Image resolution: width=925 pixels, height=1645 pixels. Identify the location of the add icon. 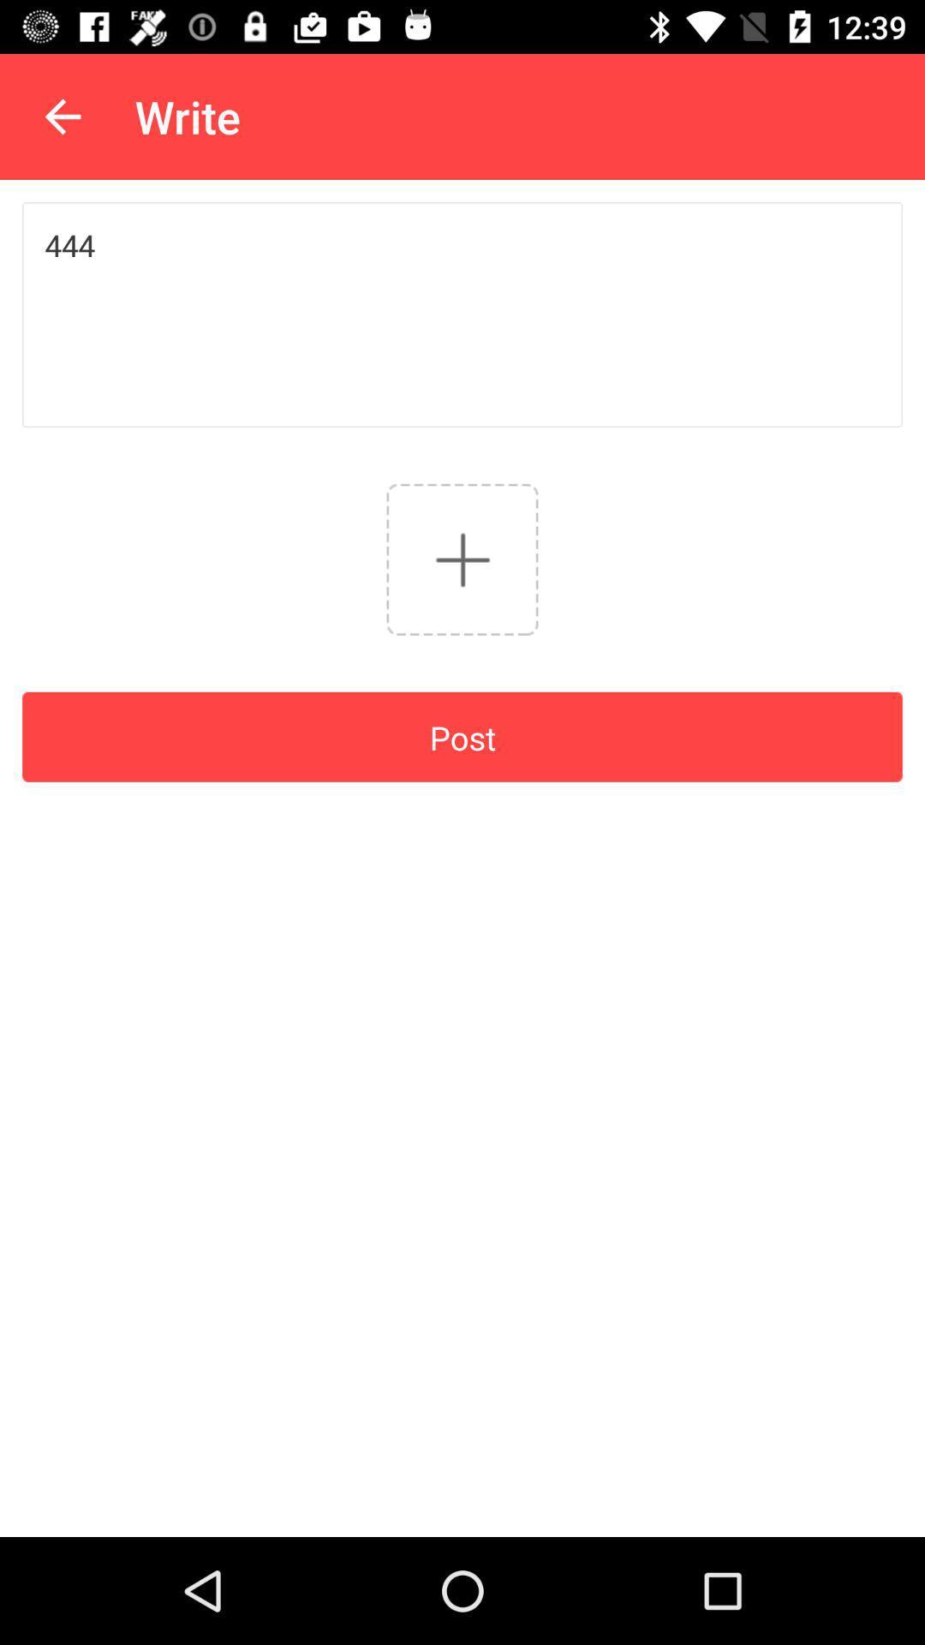
(462, 559).